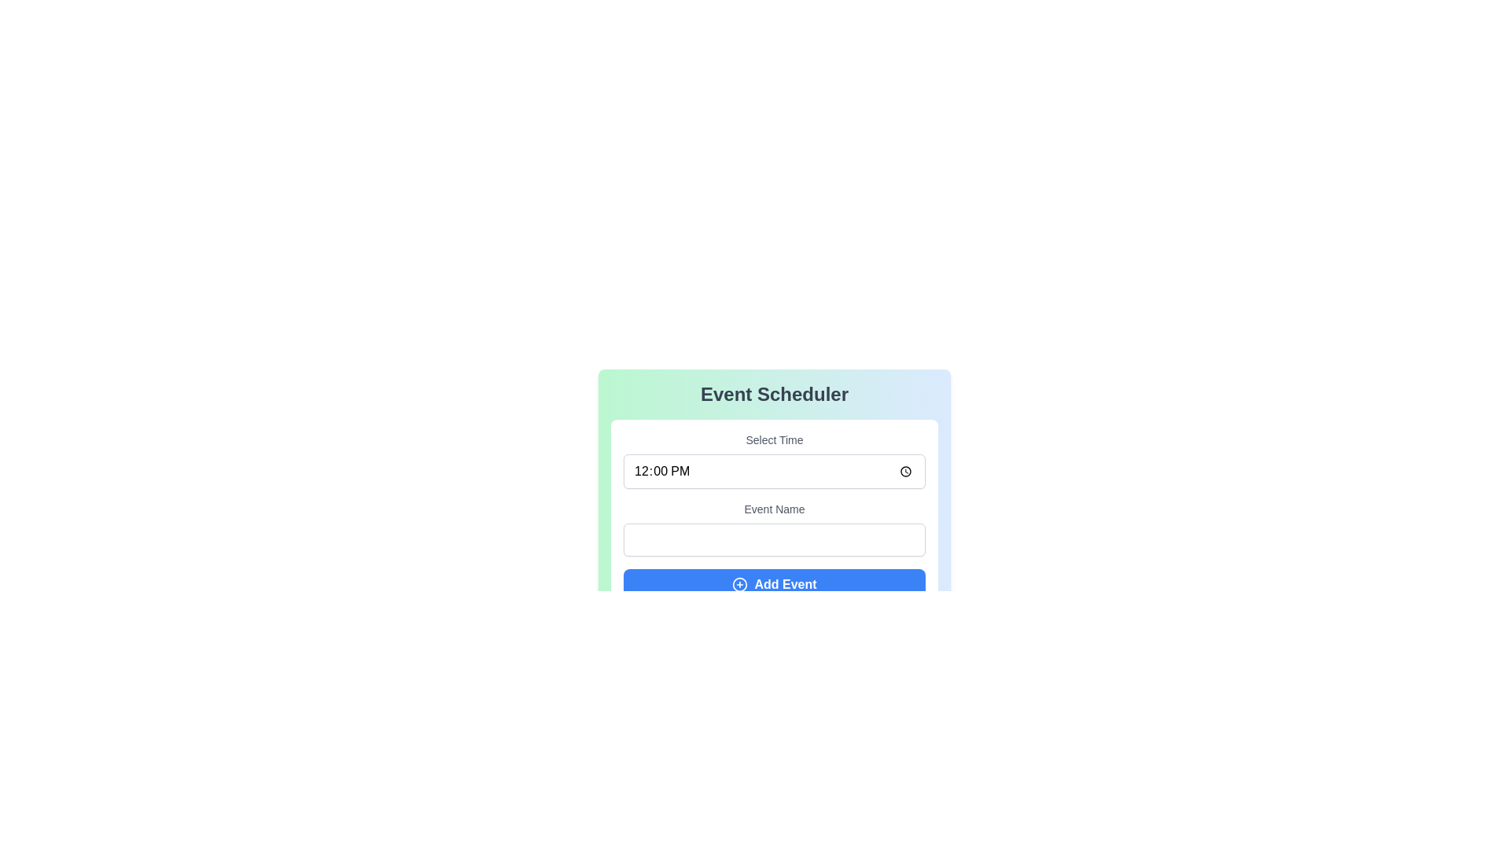 The image size is (1510, 849). I want to click on the 'Event Name' label, which is a medium gray text label positioned above the associated text input box and below the 'Select Time' label, so click(774, 509).